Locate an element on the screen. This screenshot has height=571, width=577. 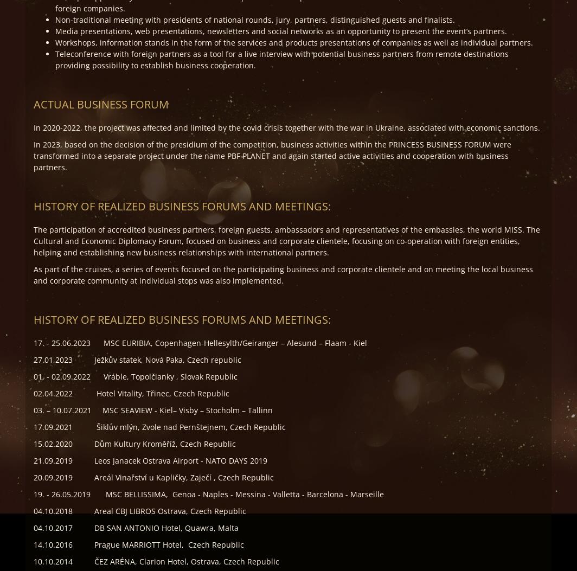
'04.10.2018          Areal CBJ LIBROS Ostrava, Czech Republic' is located at coordinates (34, 510).